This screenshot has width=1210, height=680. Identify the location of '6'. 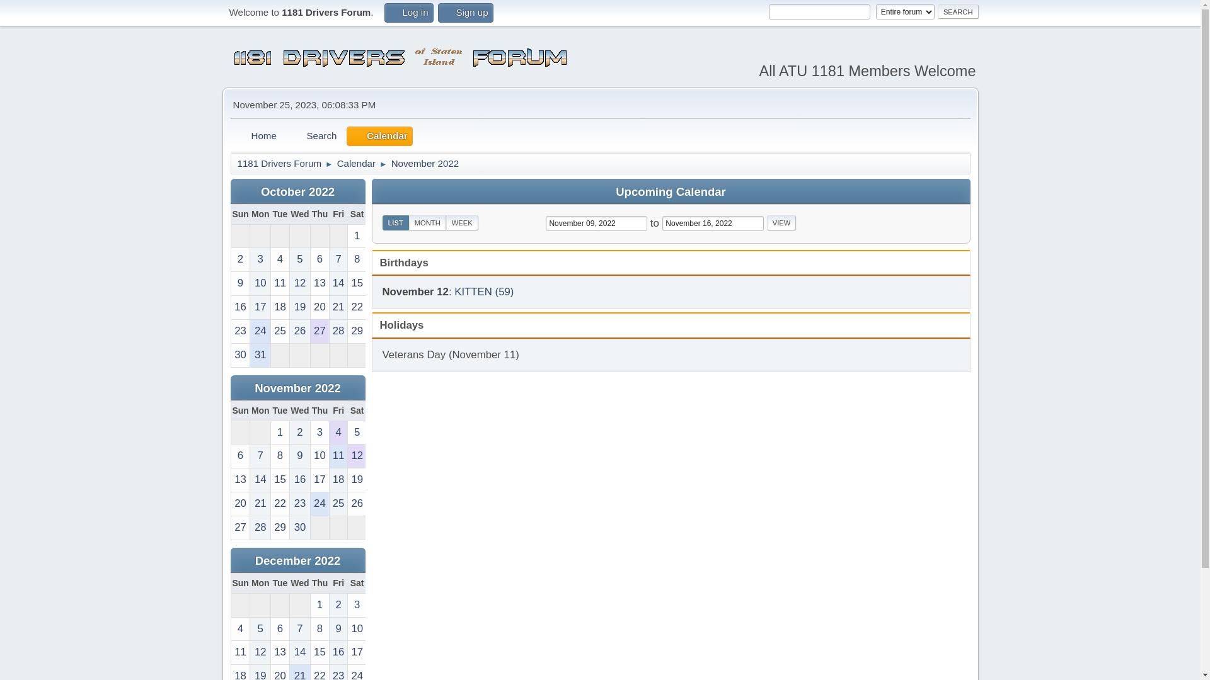
(279, 629).